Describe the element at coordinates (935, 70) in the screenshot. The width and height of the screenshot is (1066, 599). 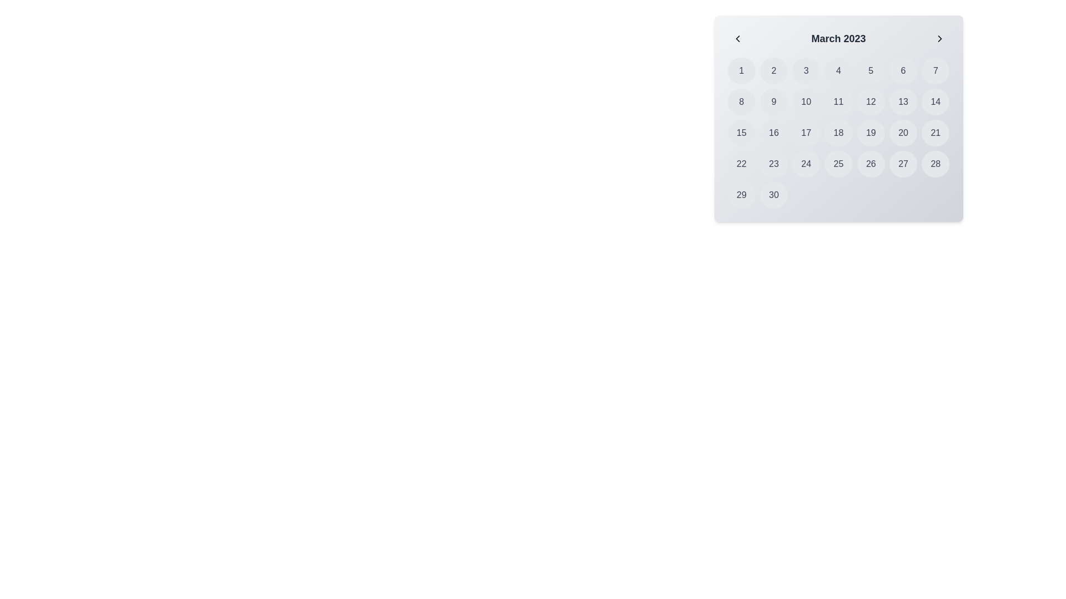
I see `the button representing the 7th day in the calendar month, located in the top row of a 7-column grid, adjacent to the '6' button` at that location.